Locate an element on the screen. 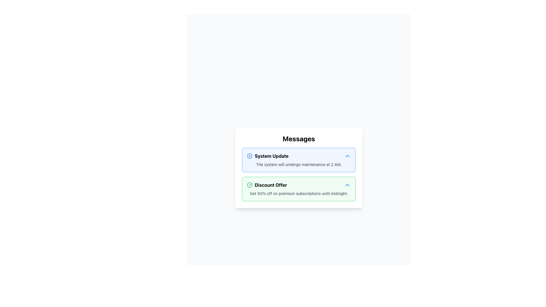 This screenshot has height=307, width=546. the circular graphical icon component that is part of the 'System Update' notification item, which is styled with a defined border and located to the left of the item's text content is located at coordinates (250, 156).